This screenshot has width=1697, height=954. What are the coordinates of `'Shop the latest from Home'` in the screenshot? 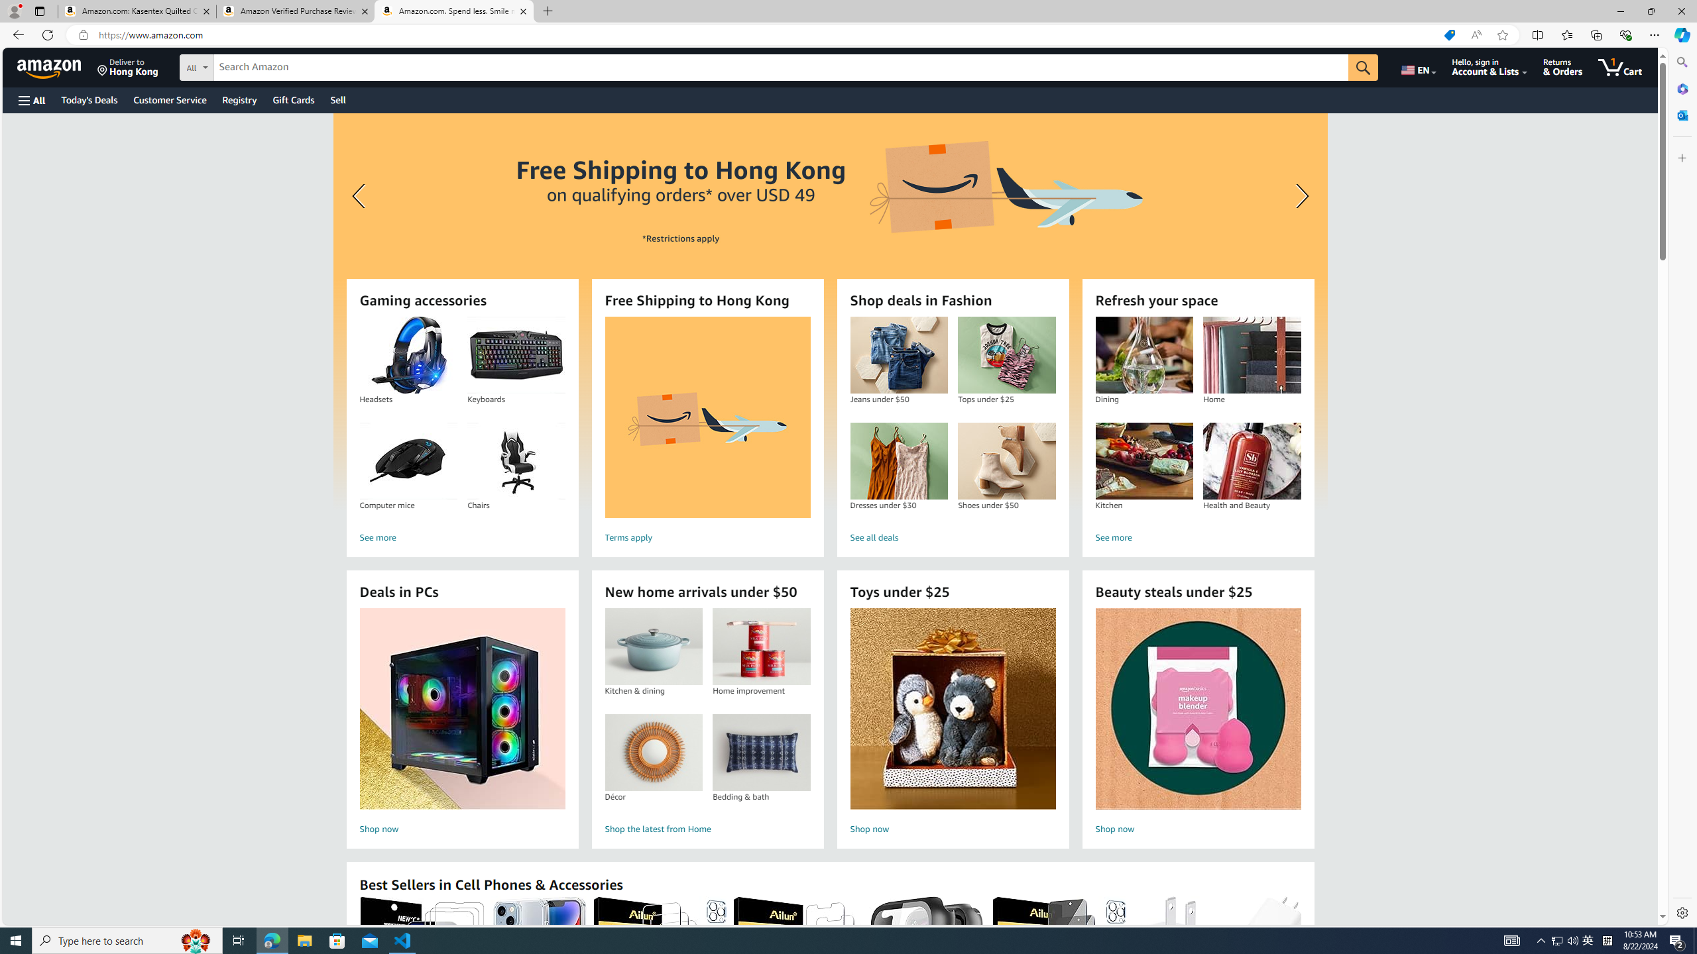 It's located at (707, 829).